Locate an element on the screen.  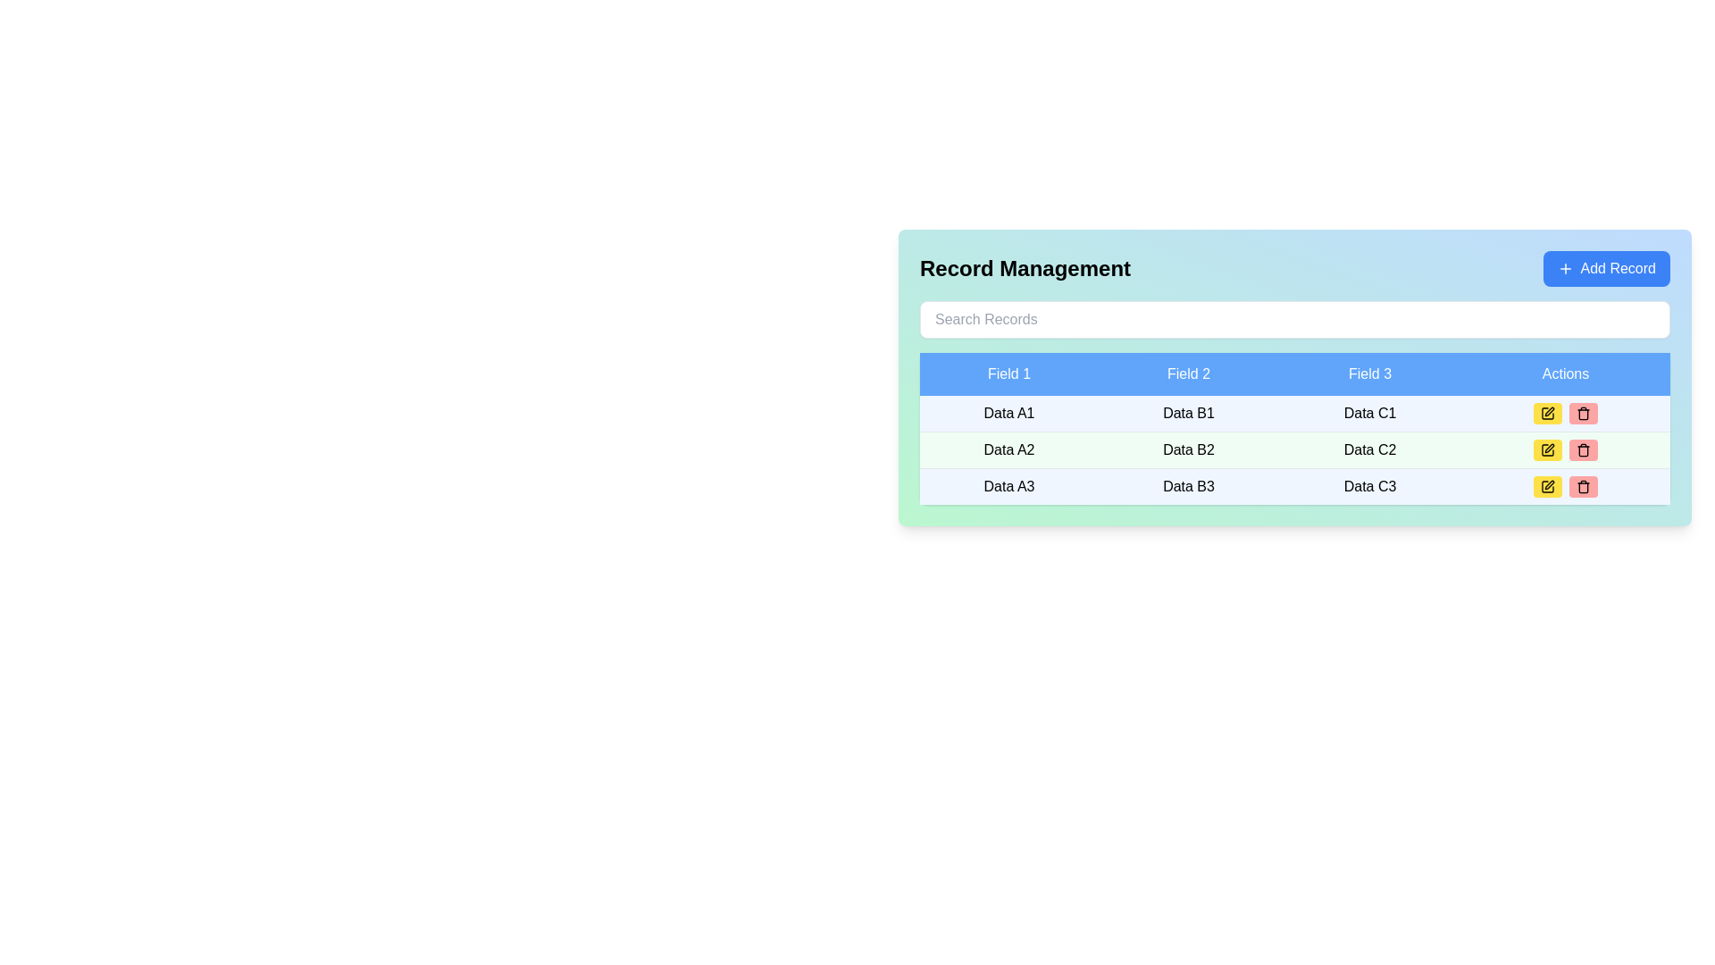
the static table cell displaying text in the 'Field 1' column of the record management table, located in the third row is located at coordinates (1009, 486).